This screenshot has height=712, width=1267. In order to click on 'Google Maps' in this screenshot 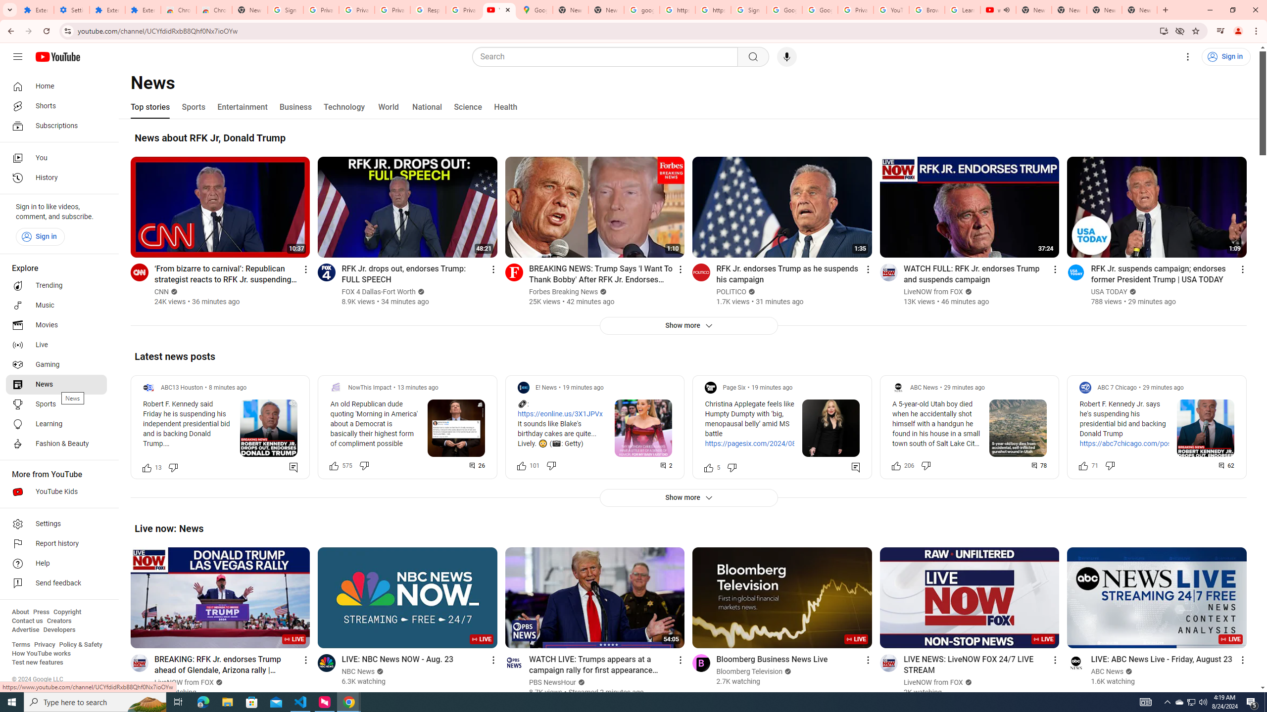, I will do `click(535, 9)`.